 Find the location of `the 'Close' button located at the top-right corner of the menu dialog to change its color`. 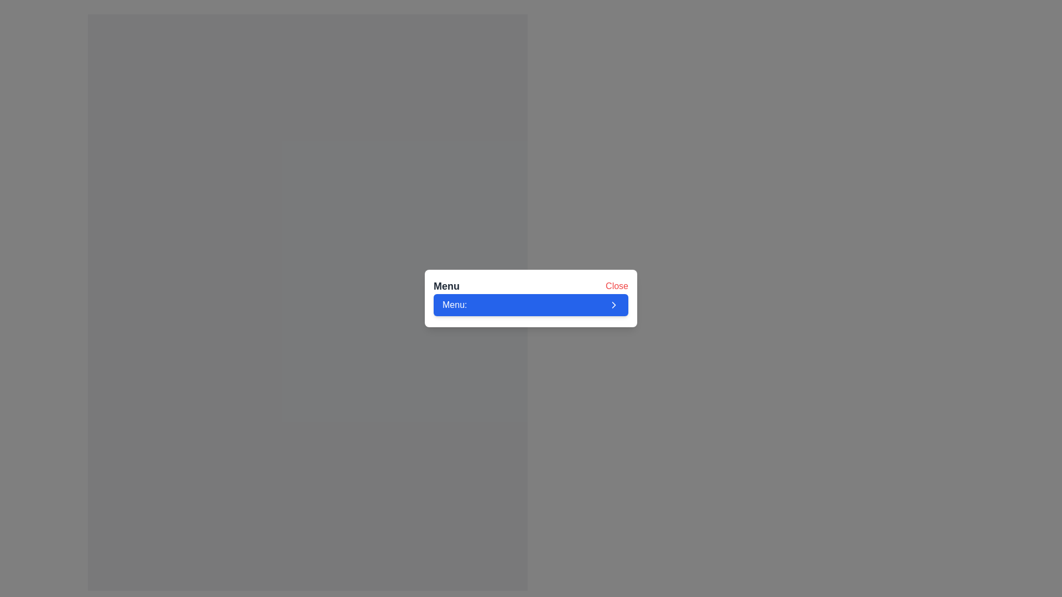

the 'Close' button located at the top-right corner of the menu dialog to change its color is located at coordinates (616, 285).